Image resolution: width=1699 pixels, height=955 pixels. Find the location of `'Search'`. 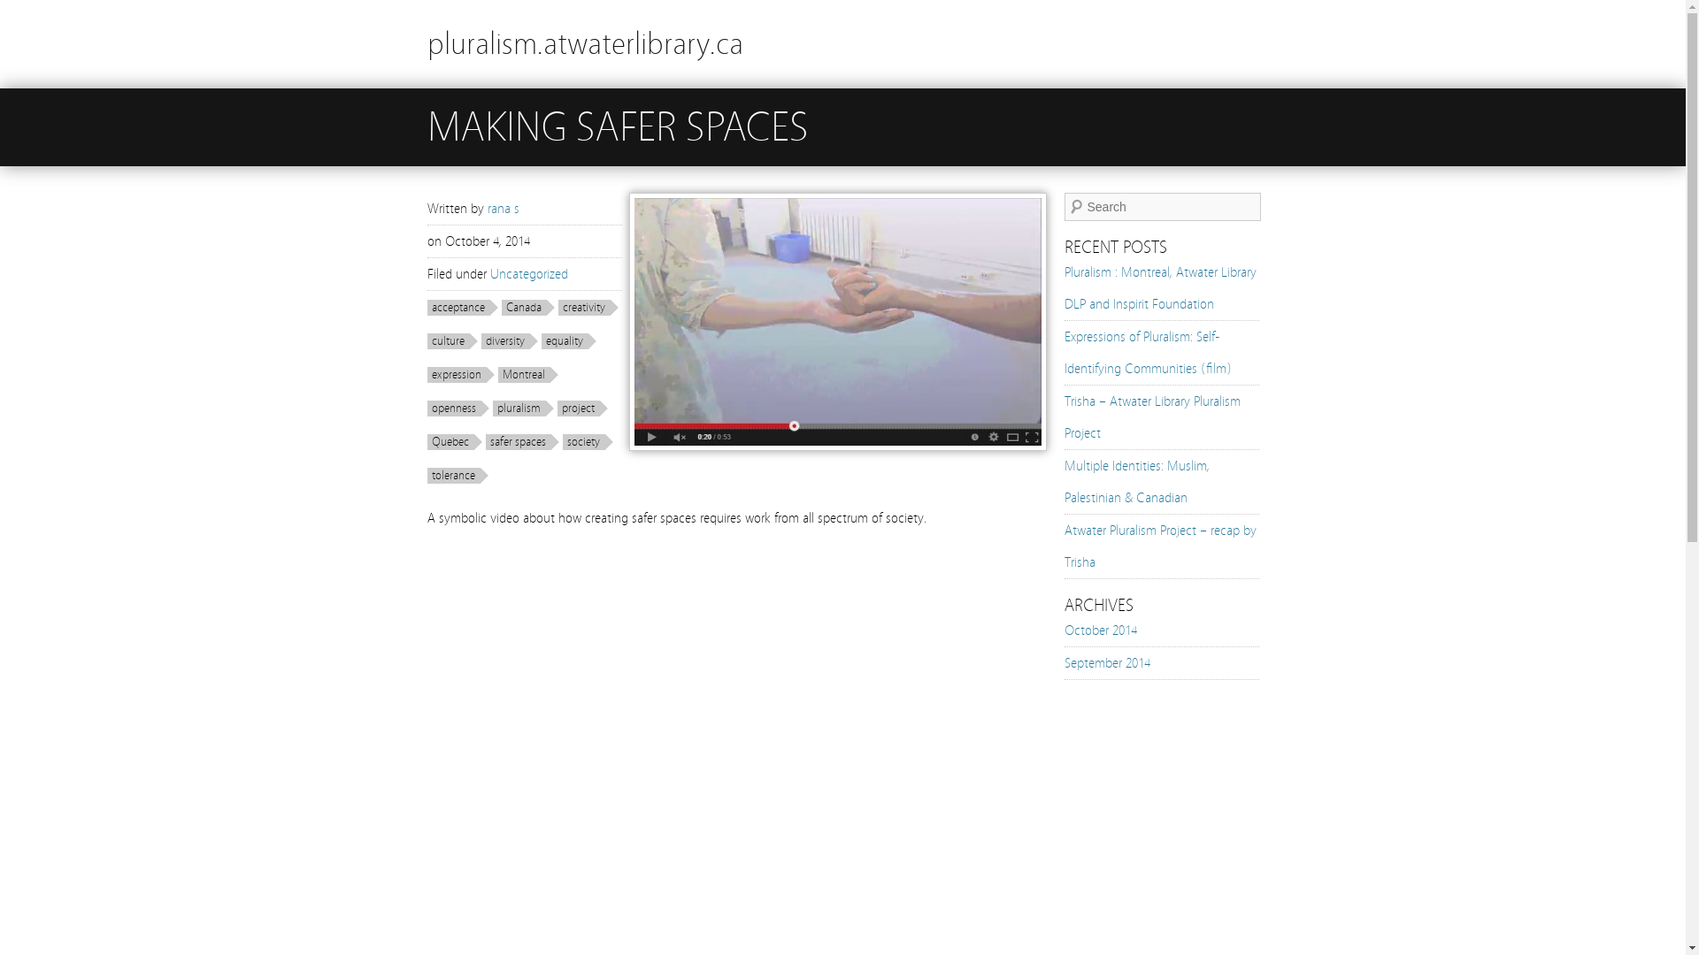

'Search' is located at coordinates (0, 9).